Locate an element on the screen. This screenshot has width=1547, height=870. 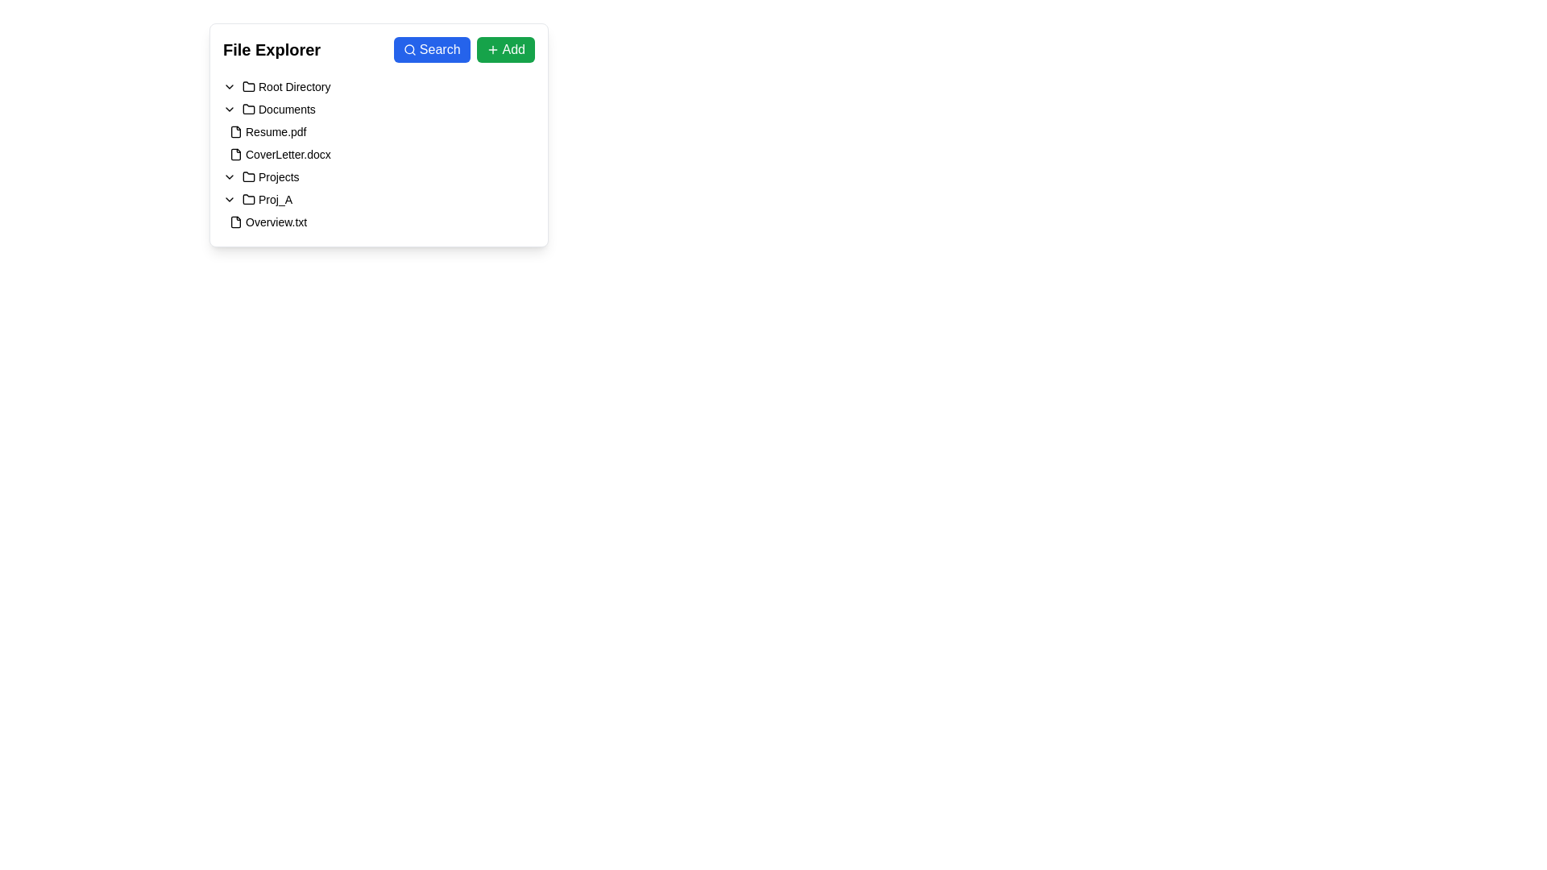
the toggle button is located at coordinates (228, 198).